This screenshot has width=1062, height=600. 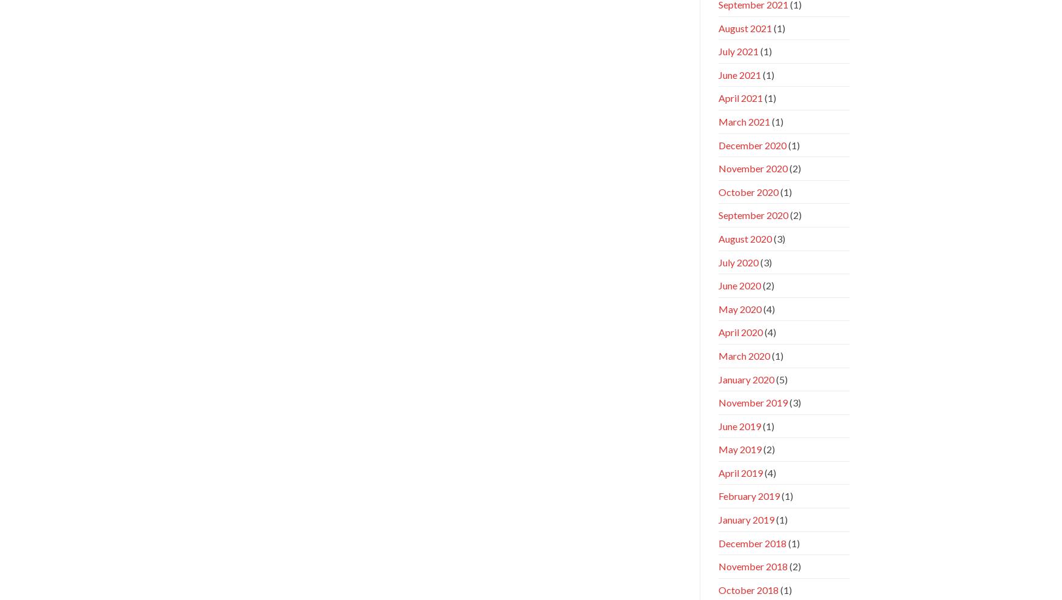 I want to click on 'March 2020', so click(x=743, y=354).